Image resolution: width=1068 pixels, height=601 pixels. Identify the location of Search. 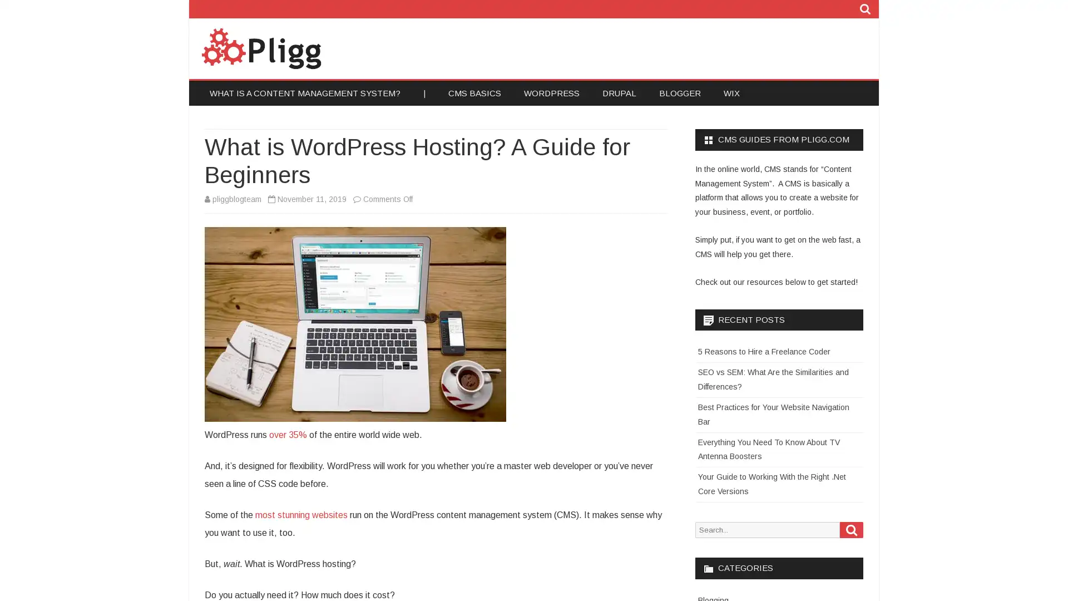
(851, 529).